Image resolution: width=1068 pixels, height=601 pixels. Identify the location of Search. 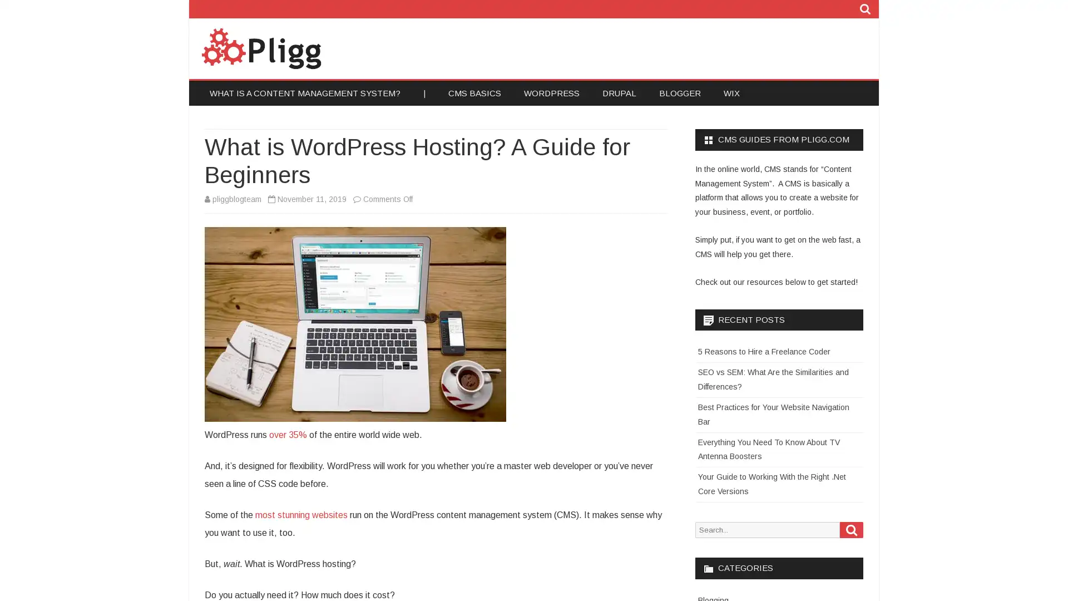
(851, 529).